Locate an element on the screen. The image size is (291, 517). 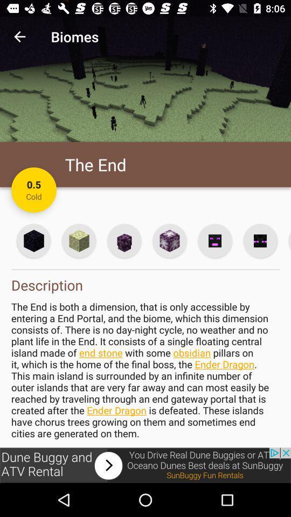
the book icon is located at coordinates (78, 241).